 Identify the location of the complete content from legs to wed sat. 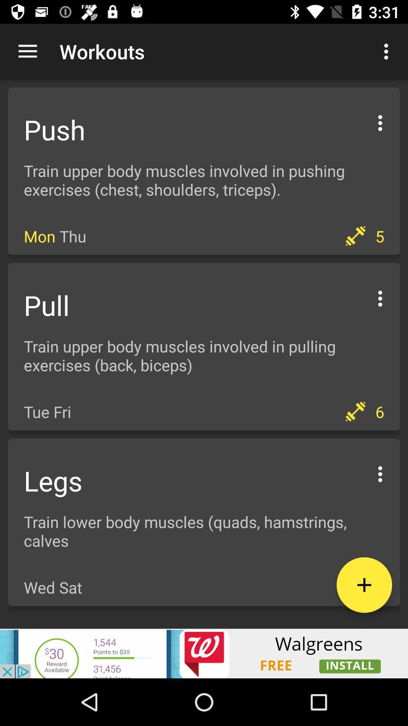
(204, 522).